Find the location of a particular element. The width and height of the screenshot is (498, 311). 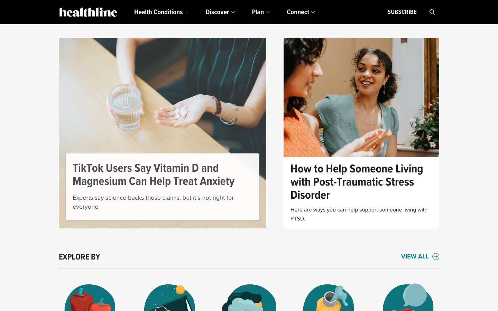

Inspect different health-related topics by using the view option is located at coordinates (420, 257).